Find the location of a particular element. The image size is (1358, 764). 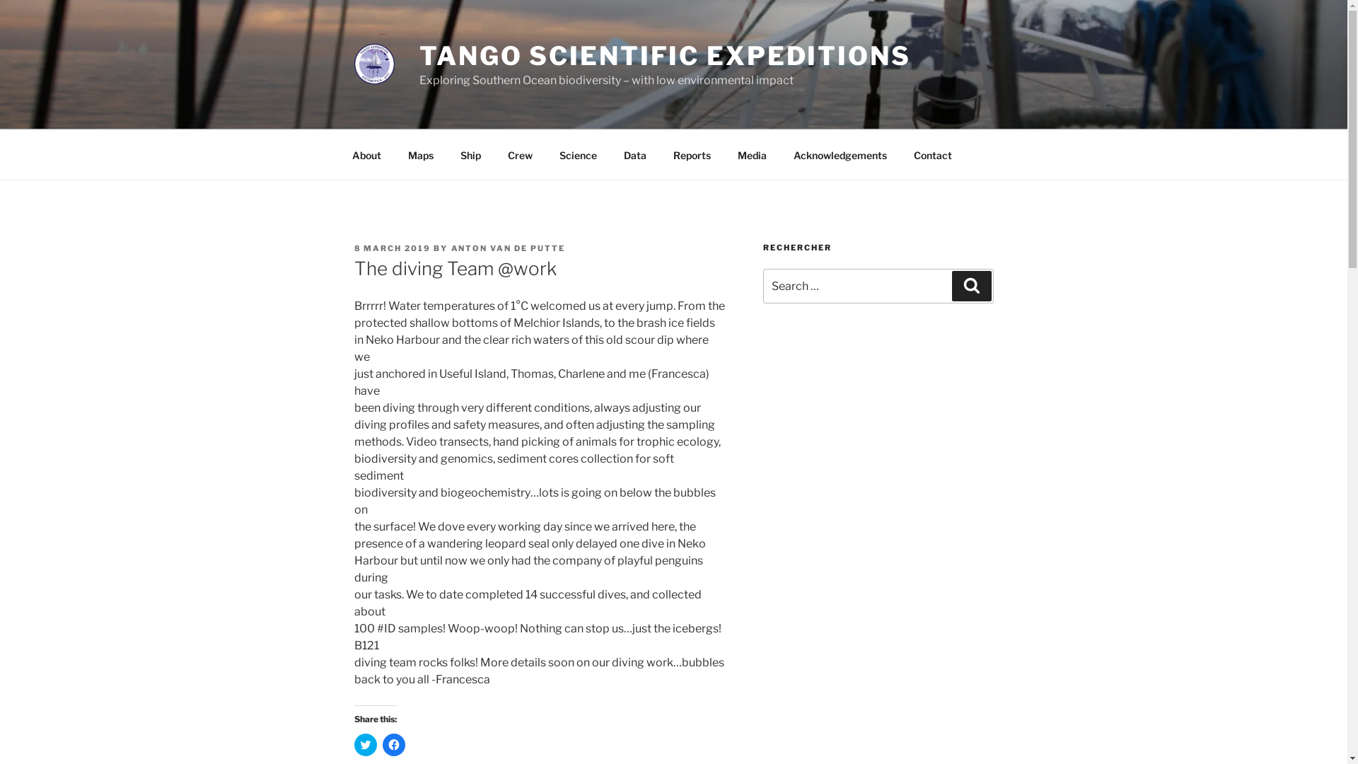

'About' is located at coordinates (366, 154).